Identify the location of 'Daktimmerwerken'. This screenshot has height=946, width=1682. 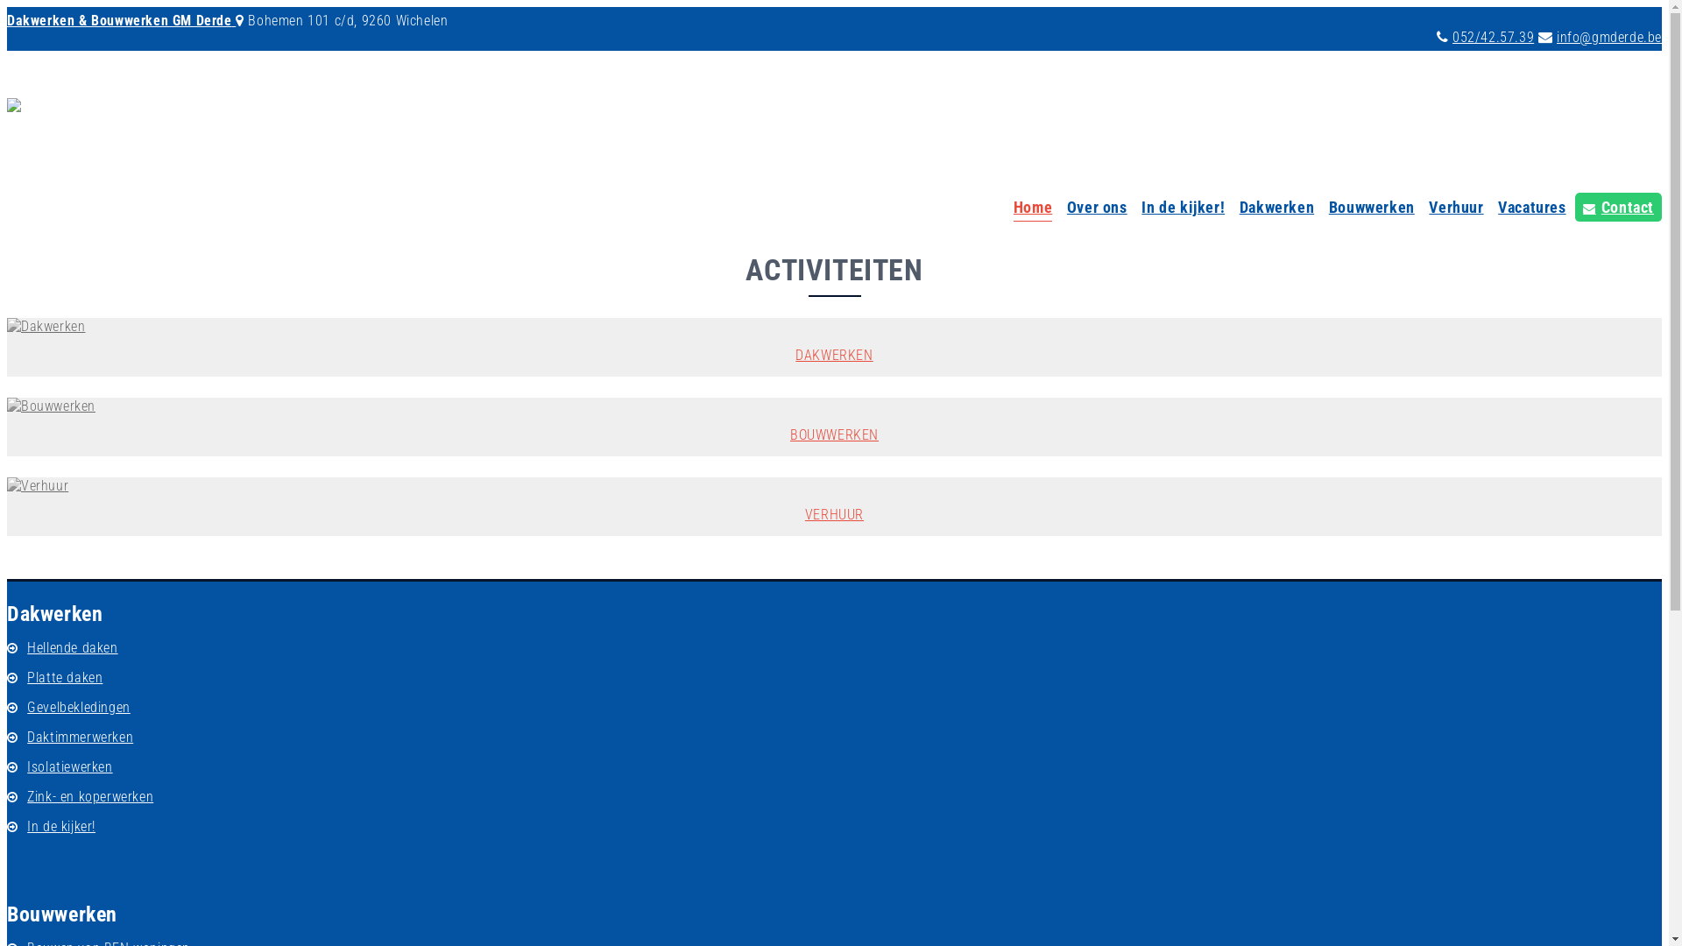
(79, 737).